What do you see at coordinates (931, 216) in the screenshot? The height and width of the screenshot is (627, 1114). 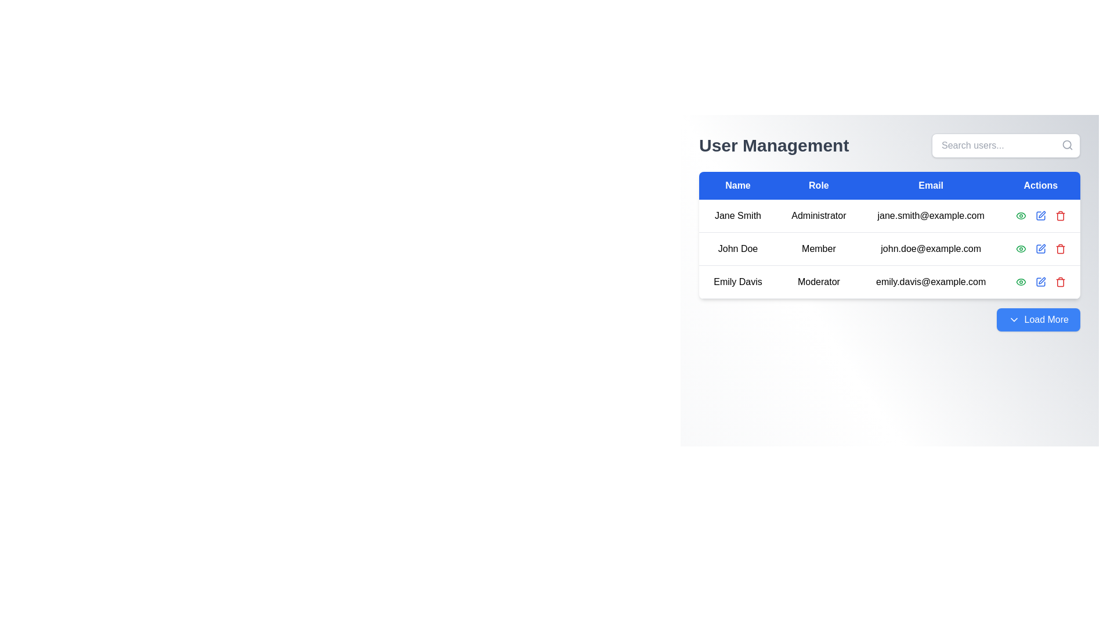 I see `the Text Display Field that shows the user's email address in the first row of the table, located in the 'Email' column` at bounding box center [931, 216].